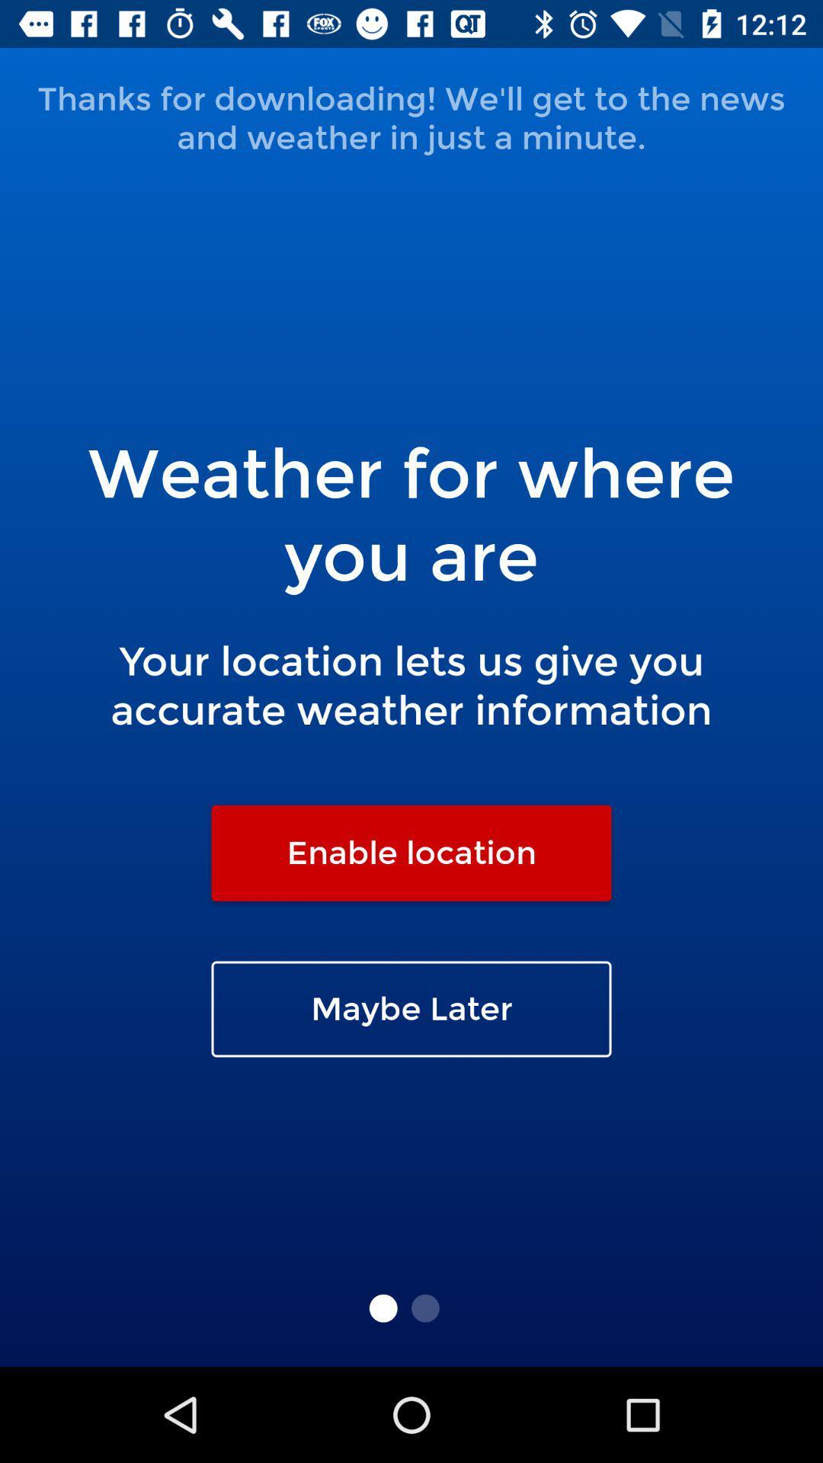  I want to click on item below the your location lets, so click(411, 852).